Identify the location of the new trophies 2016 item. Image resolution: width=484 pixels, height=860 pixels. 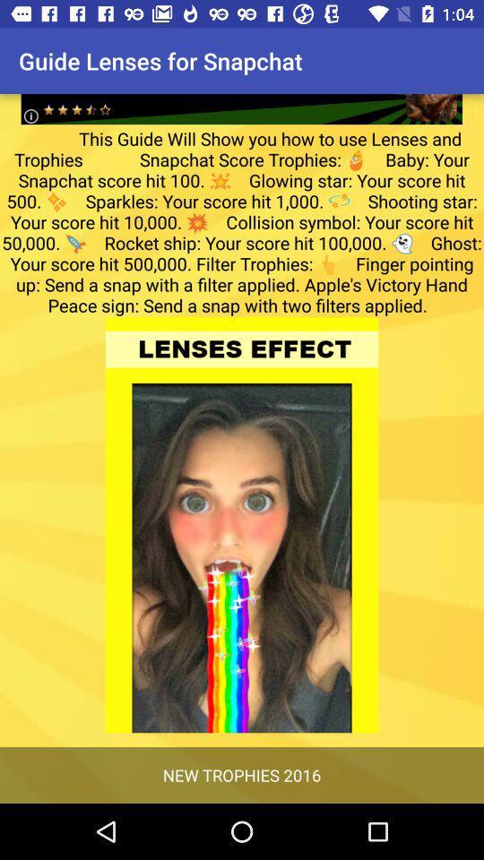
(242, 774).